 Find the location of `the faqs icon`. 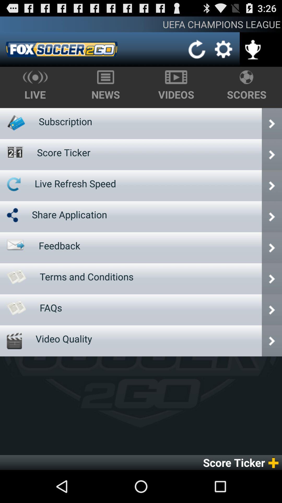

the faqs icon is located at coordinates (51, 308).